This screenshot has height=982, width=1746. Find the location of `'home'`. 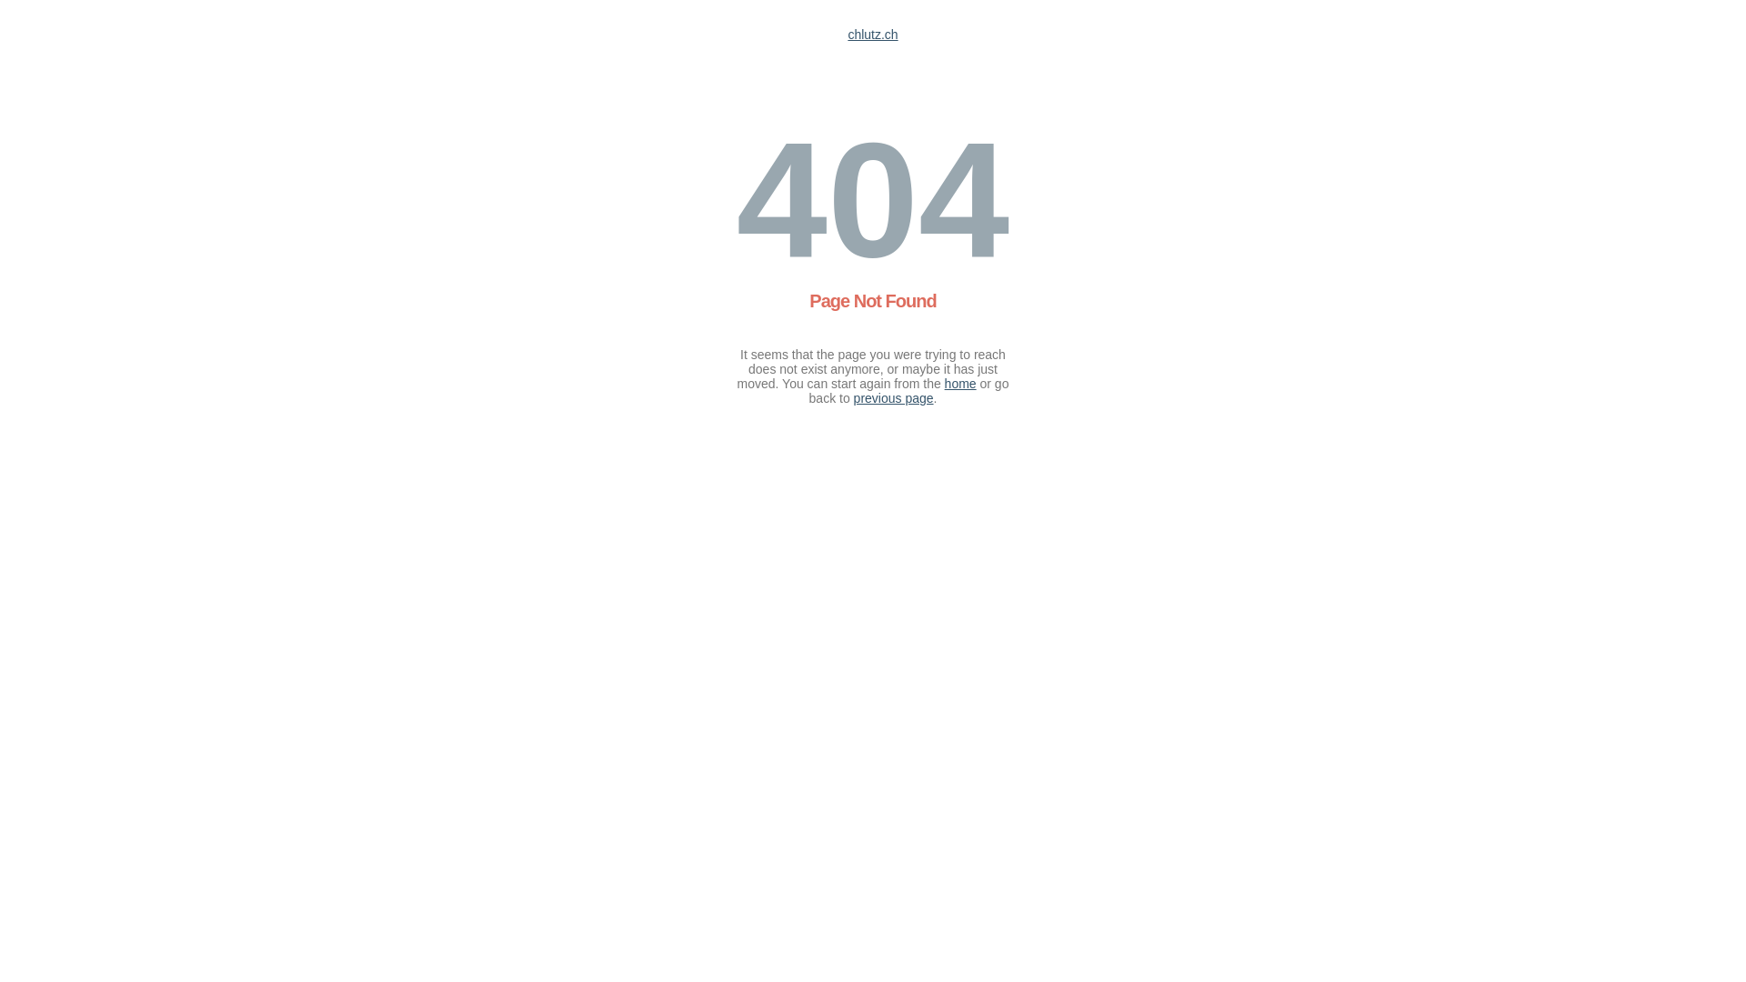

'home' is located at coordinates (959, 382).